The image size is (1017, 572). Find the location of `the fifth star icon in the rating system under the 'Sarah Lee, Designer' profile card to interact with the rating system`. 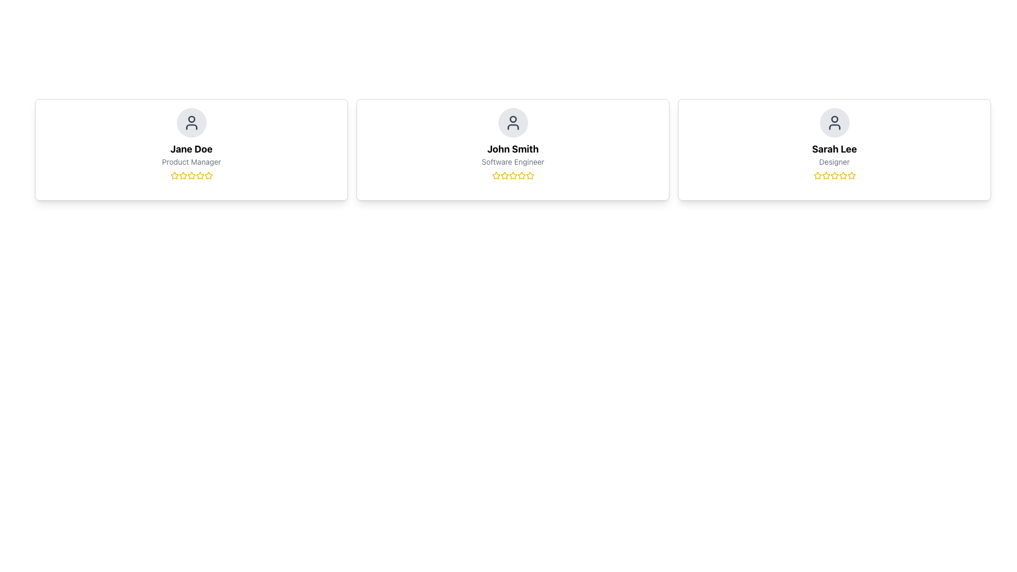

the fifth star icon in the rating system under the 'Sarah Lee, Designer' profile card to interact with the rating system is located at coordinates (851, 175).